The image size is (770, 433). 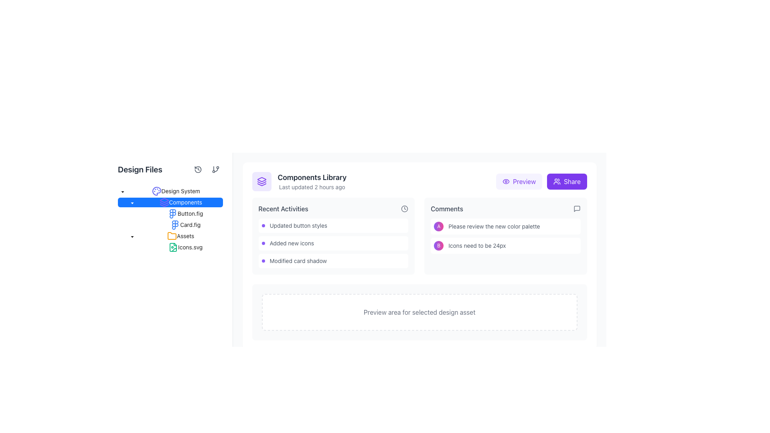 I want to click on the icon representing the 'Components Library' section, which is positioned to the left of the text 'Components Library', so click(x=261, y=181).